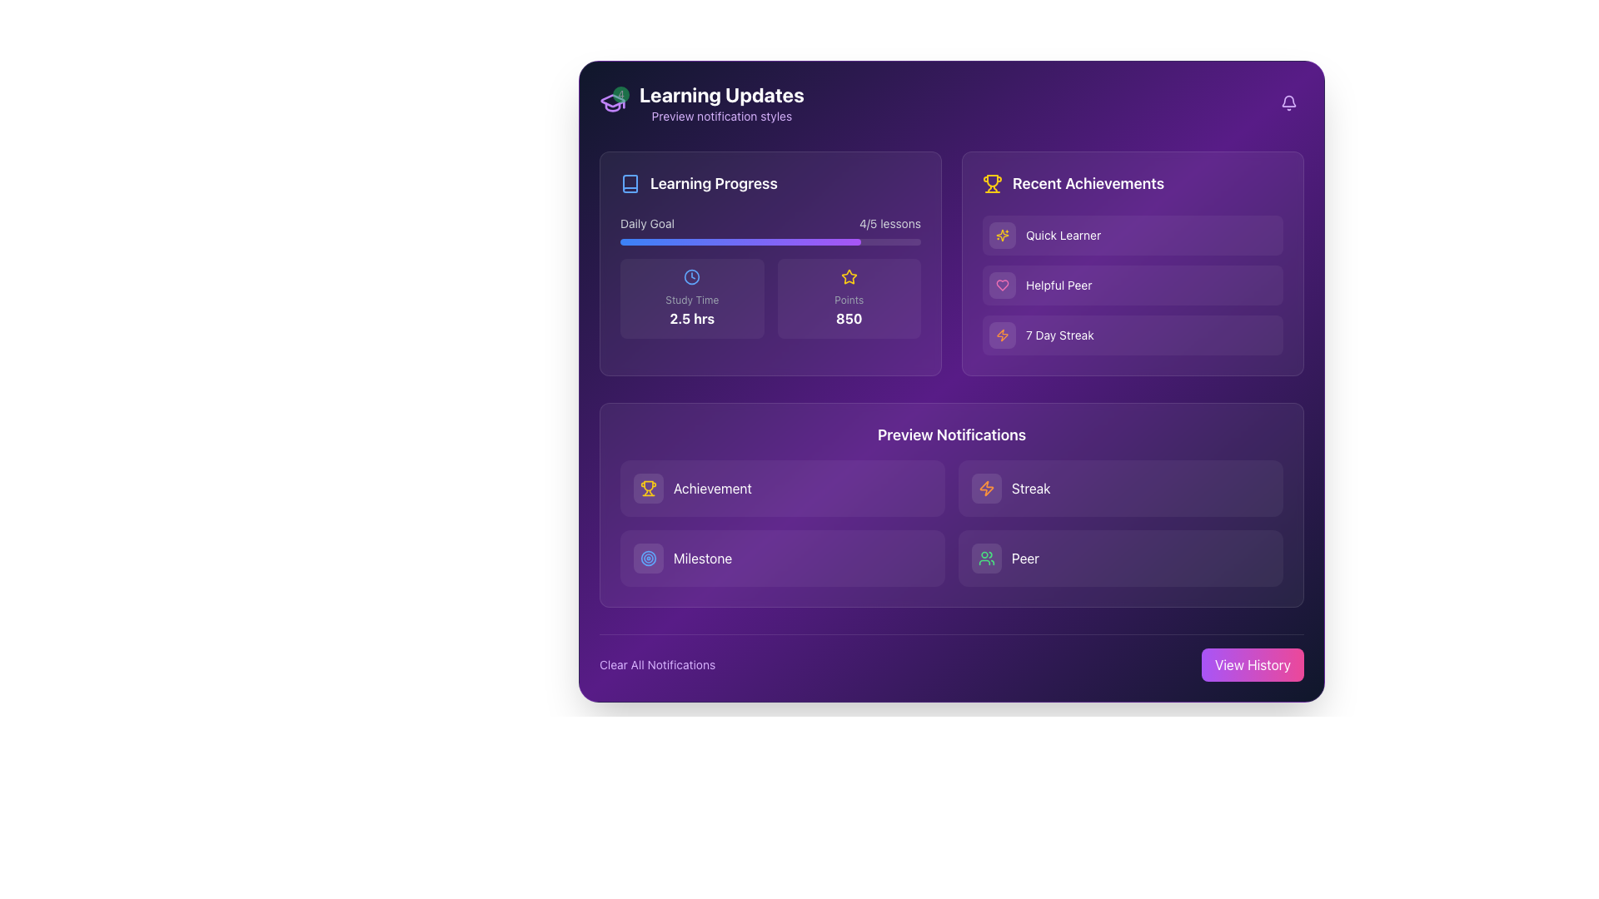  What do you see at coordinates (849, 297) in the screenshot?
I see `the Display card that shows '850' points with a star icon above it, located in the 'Learning Progress' section` at bounding box center [849, 297].